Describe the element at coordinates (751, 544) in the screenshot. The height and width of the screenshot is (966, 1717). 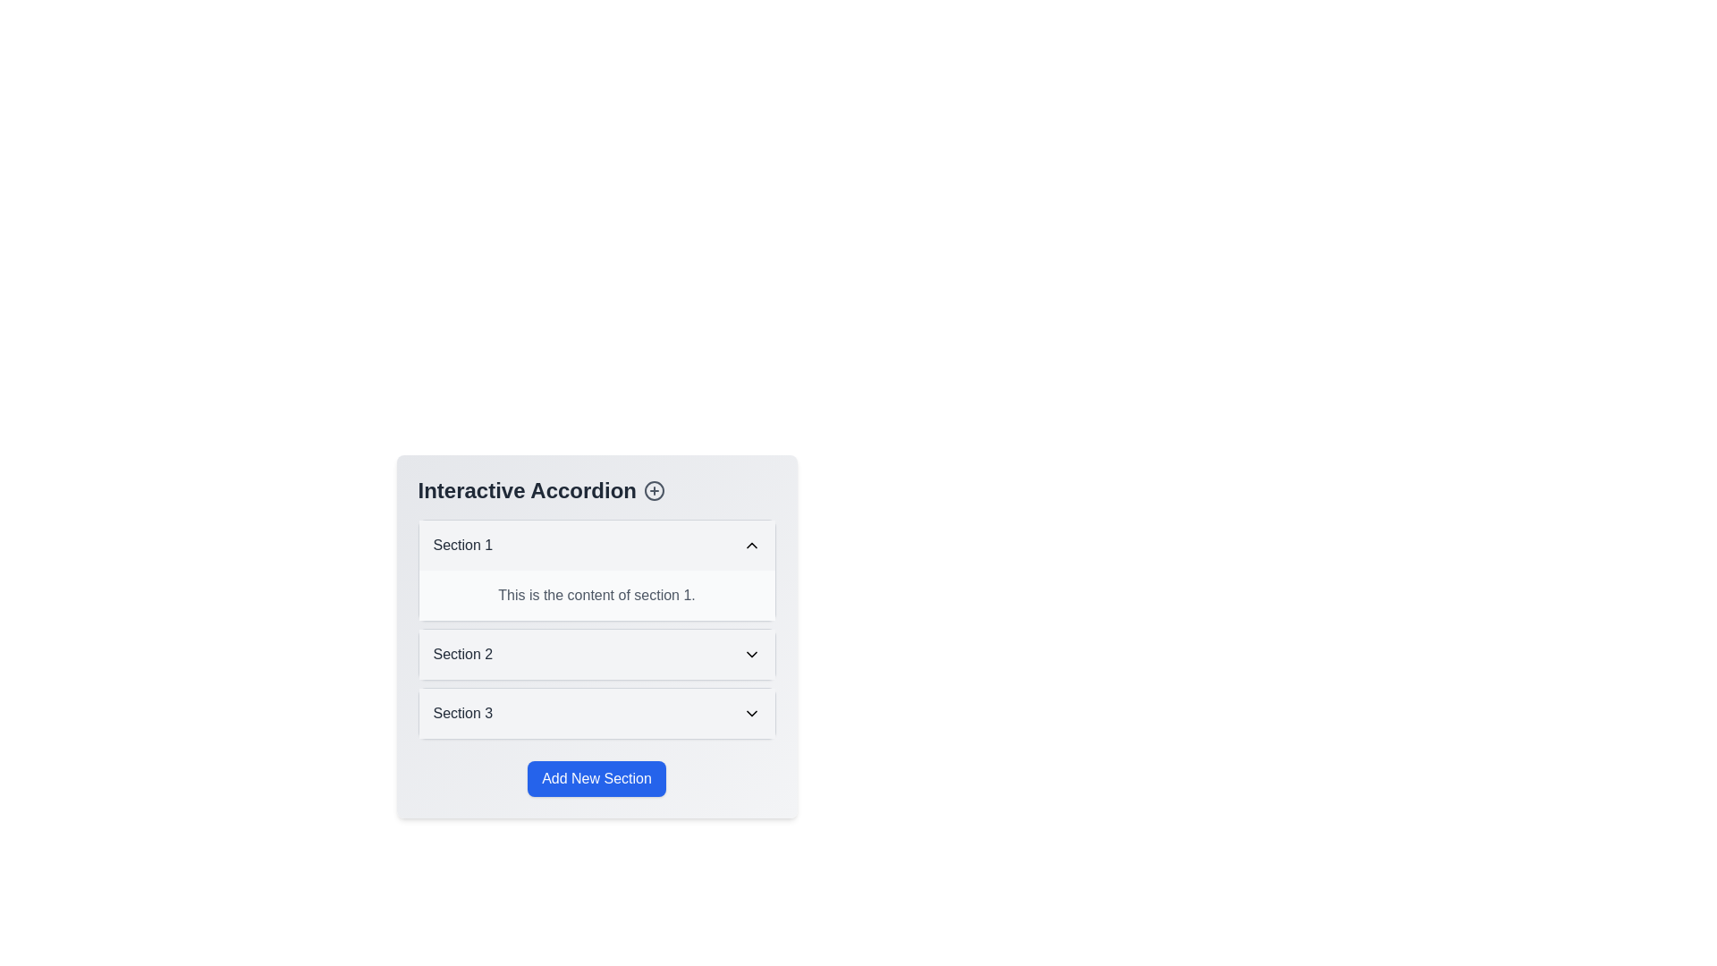
I see `the chevron icon located in 'Section 1'` at that location.